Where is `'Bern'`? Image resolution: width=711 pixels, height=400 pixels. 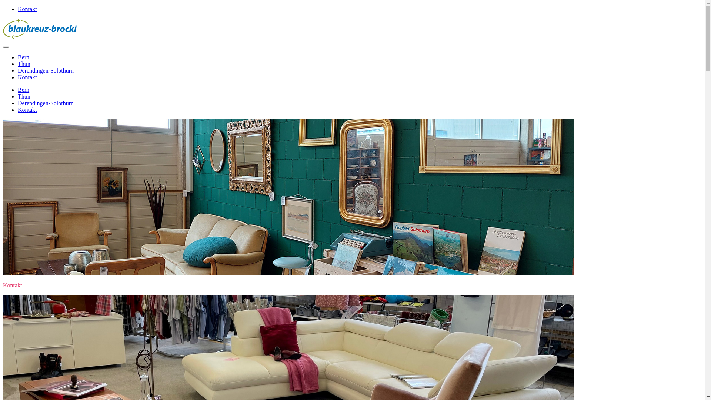
'Bern' is located at coordinates (23, 57).